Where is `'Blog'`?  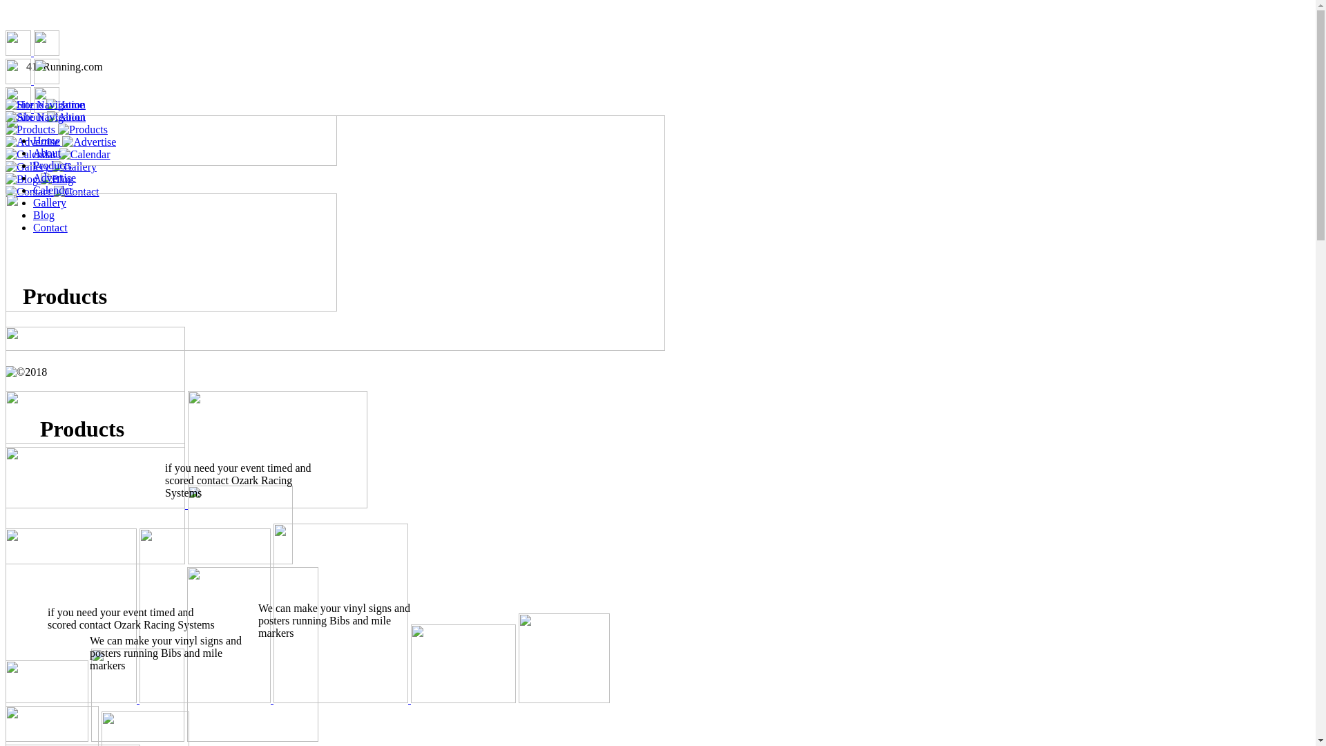 'Blog' is located at coordinates (44, 215).